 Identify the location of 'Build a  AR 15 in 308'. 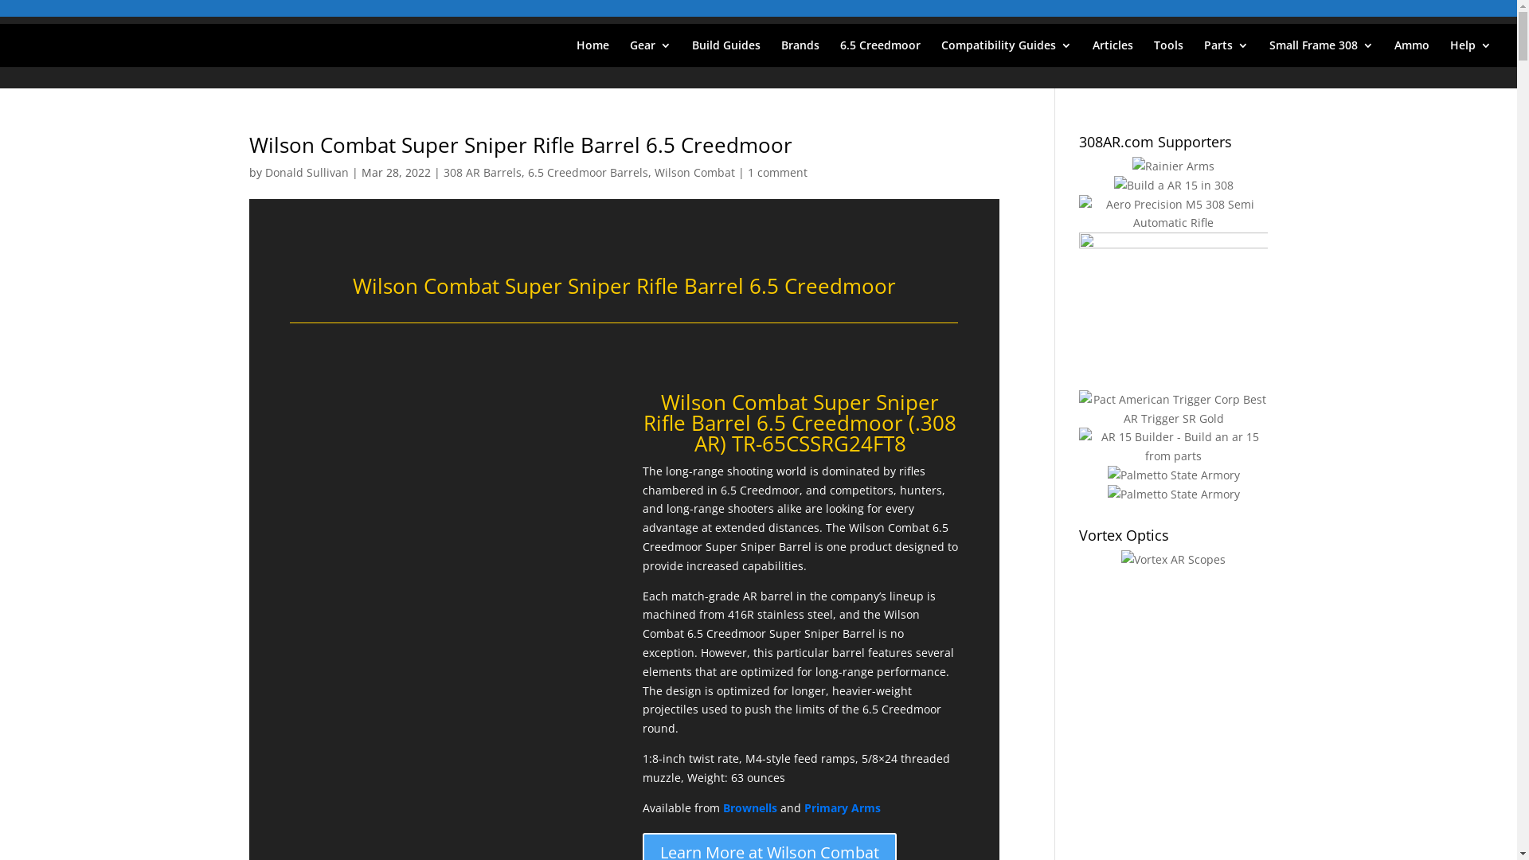
(1173, 184).